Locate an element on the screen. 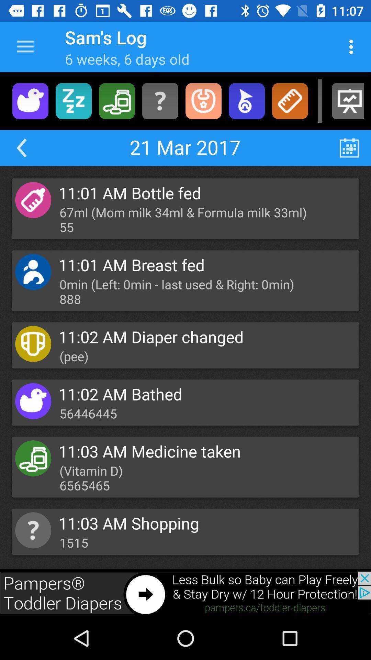  go back is located at coordinates (21, 147).